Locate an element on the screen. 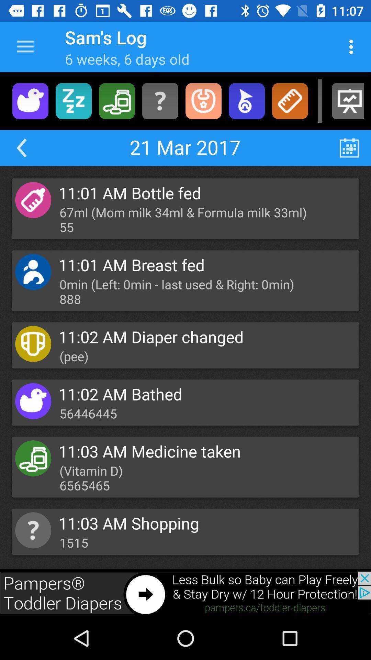  go back is located at coordinates (21, 147).